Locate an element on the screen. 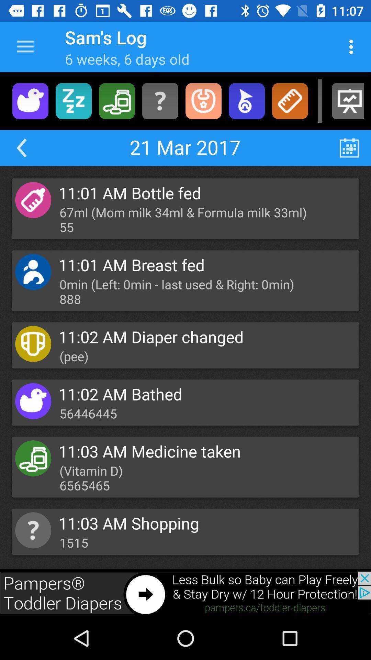  go back is located at coordinates (21, 147).